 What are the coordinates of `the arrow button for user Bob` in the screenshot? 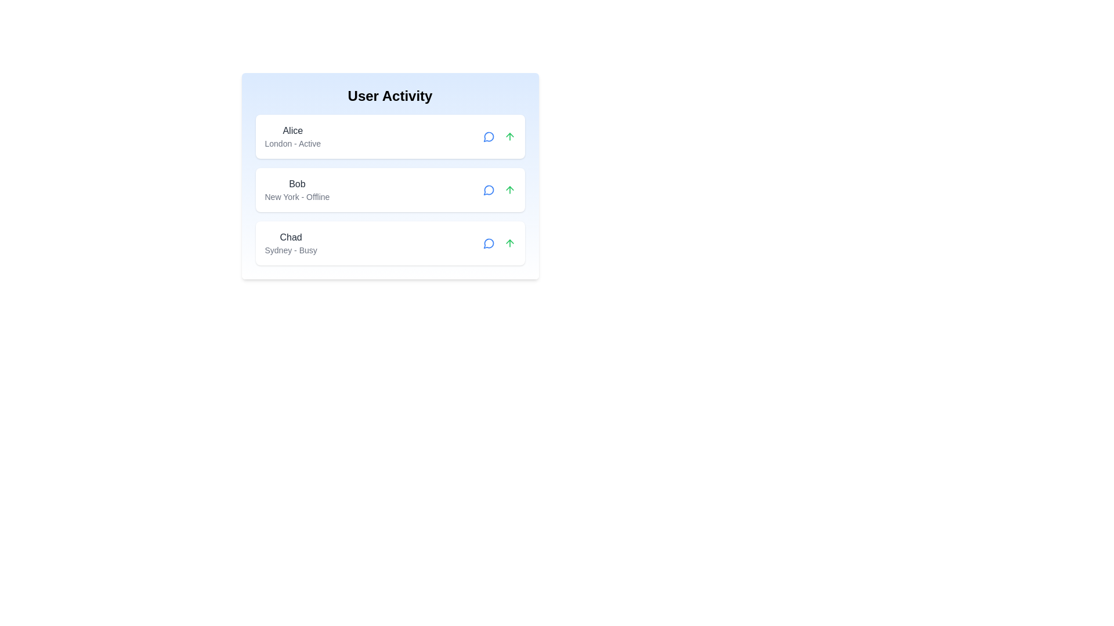 It's located at (509, 189).